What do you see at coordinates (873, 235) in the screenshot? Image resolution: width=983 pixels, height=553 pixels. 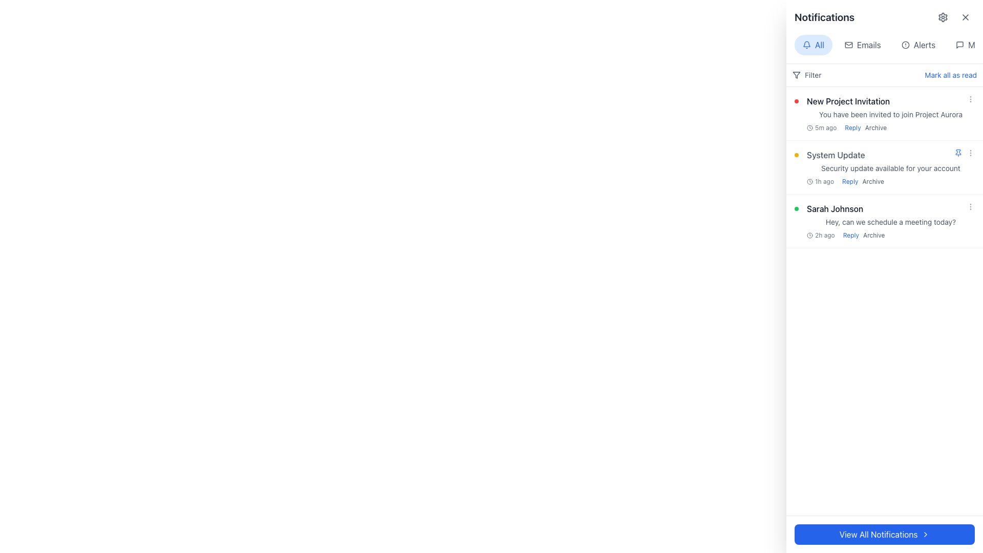 I see `the interactive text label that says 'Archive' located in the notifications list, specifically within the third notification item related to 'Sarah Johnson', to trigger a hover effect or tooltip` at bounding box center [873, 235].